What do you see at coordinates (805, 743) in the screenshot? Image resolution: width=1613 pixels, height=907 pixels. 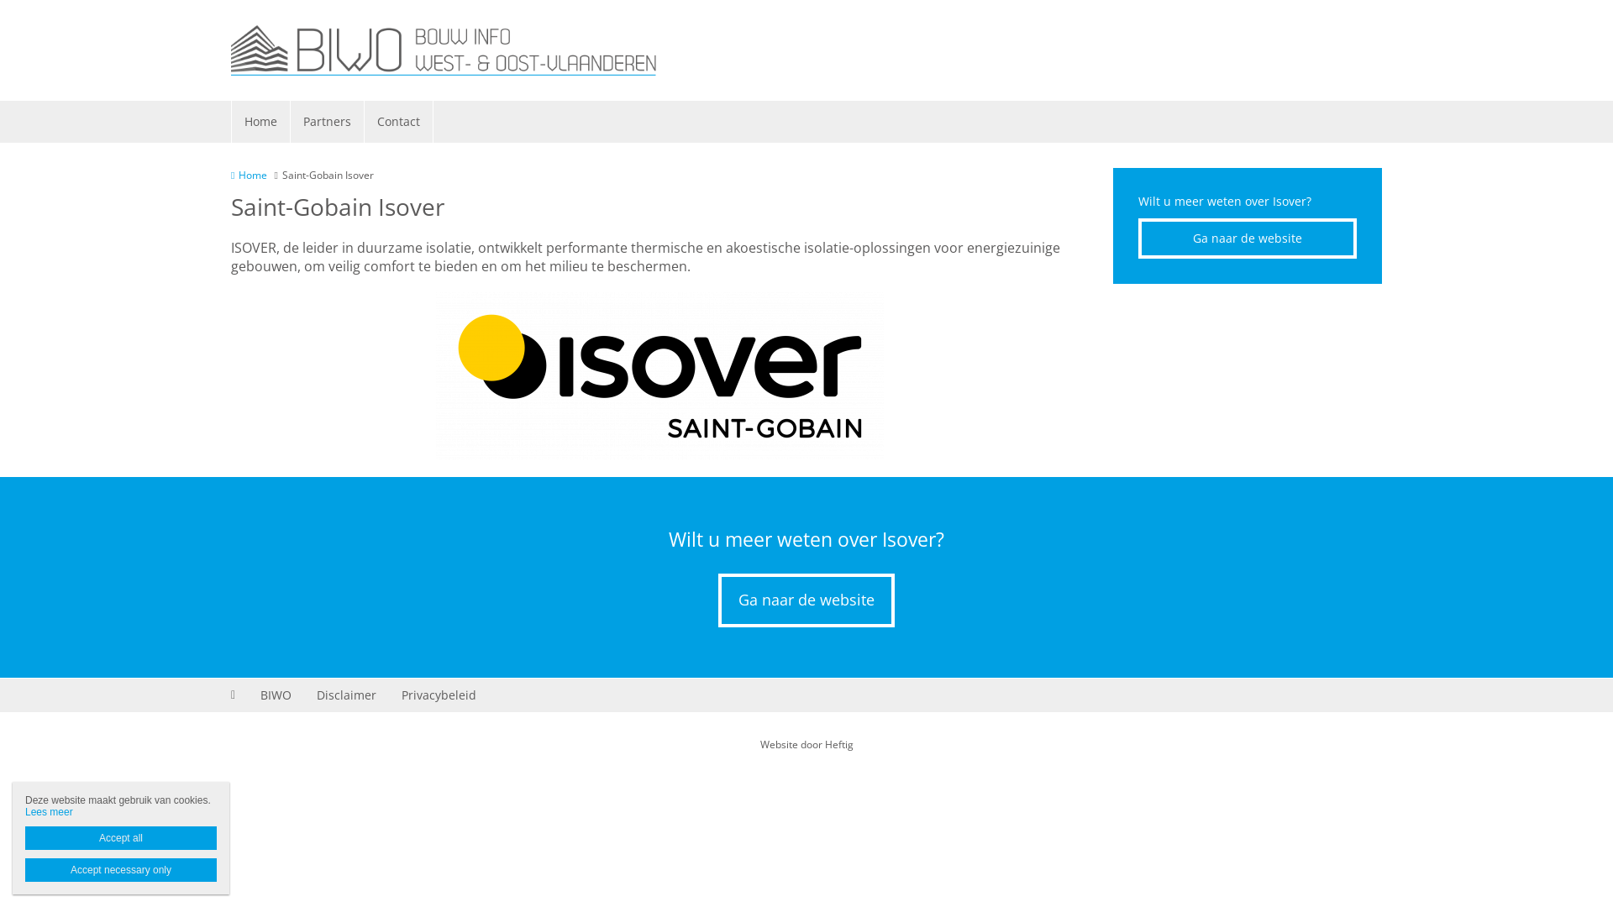 I see `'Website door Heftig'` at bounding box center [805, 743].